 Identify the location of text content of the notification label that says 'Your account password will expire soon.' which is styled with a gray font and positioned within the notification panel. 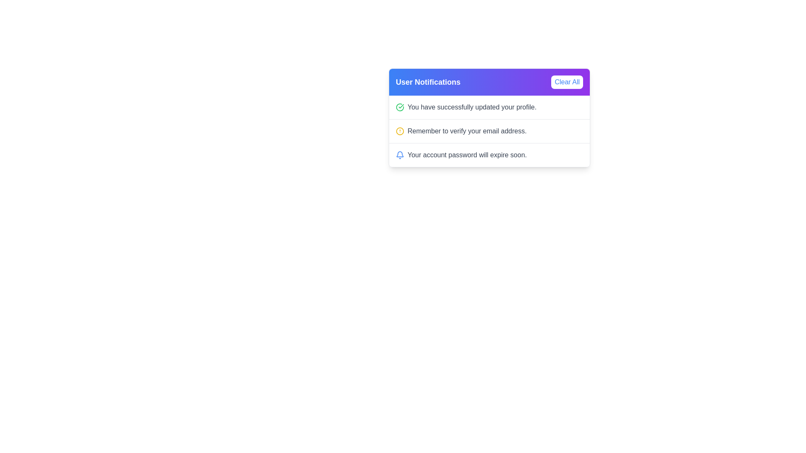
(467, 155).